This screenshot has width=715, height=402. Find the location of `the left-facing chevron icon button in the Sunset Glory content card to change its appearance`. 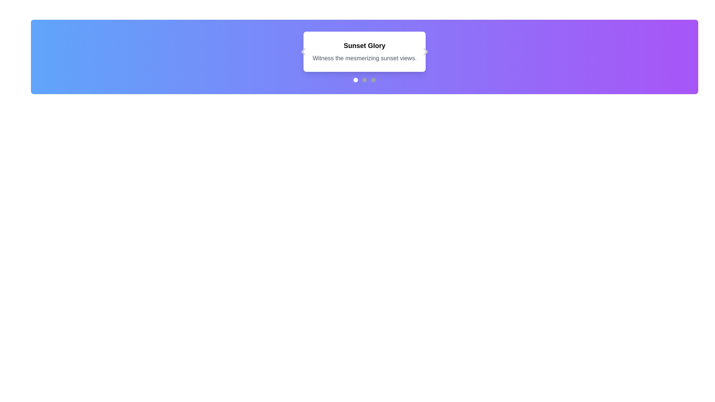

the left-facing chevron icon button in the Sunset Glory content card to change its appearance is located at coordinates (304, 51).